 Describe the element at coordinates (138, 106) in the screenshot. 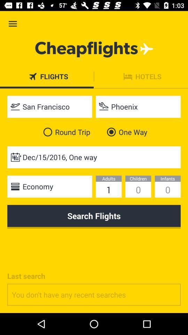

I see `item next to the san francisco item` at that location.